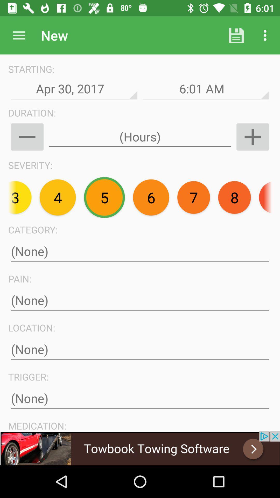 The height and width of the screenshot is (498, 280). Describe the element at coordinates (140, 398) in the screenshot. I see `trigger value` at that location.